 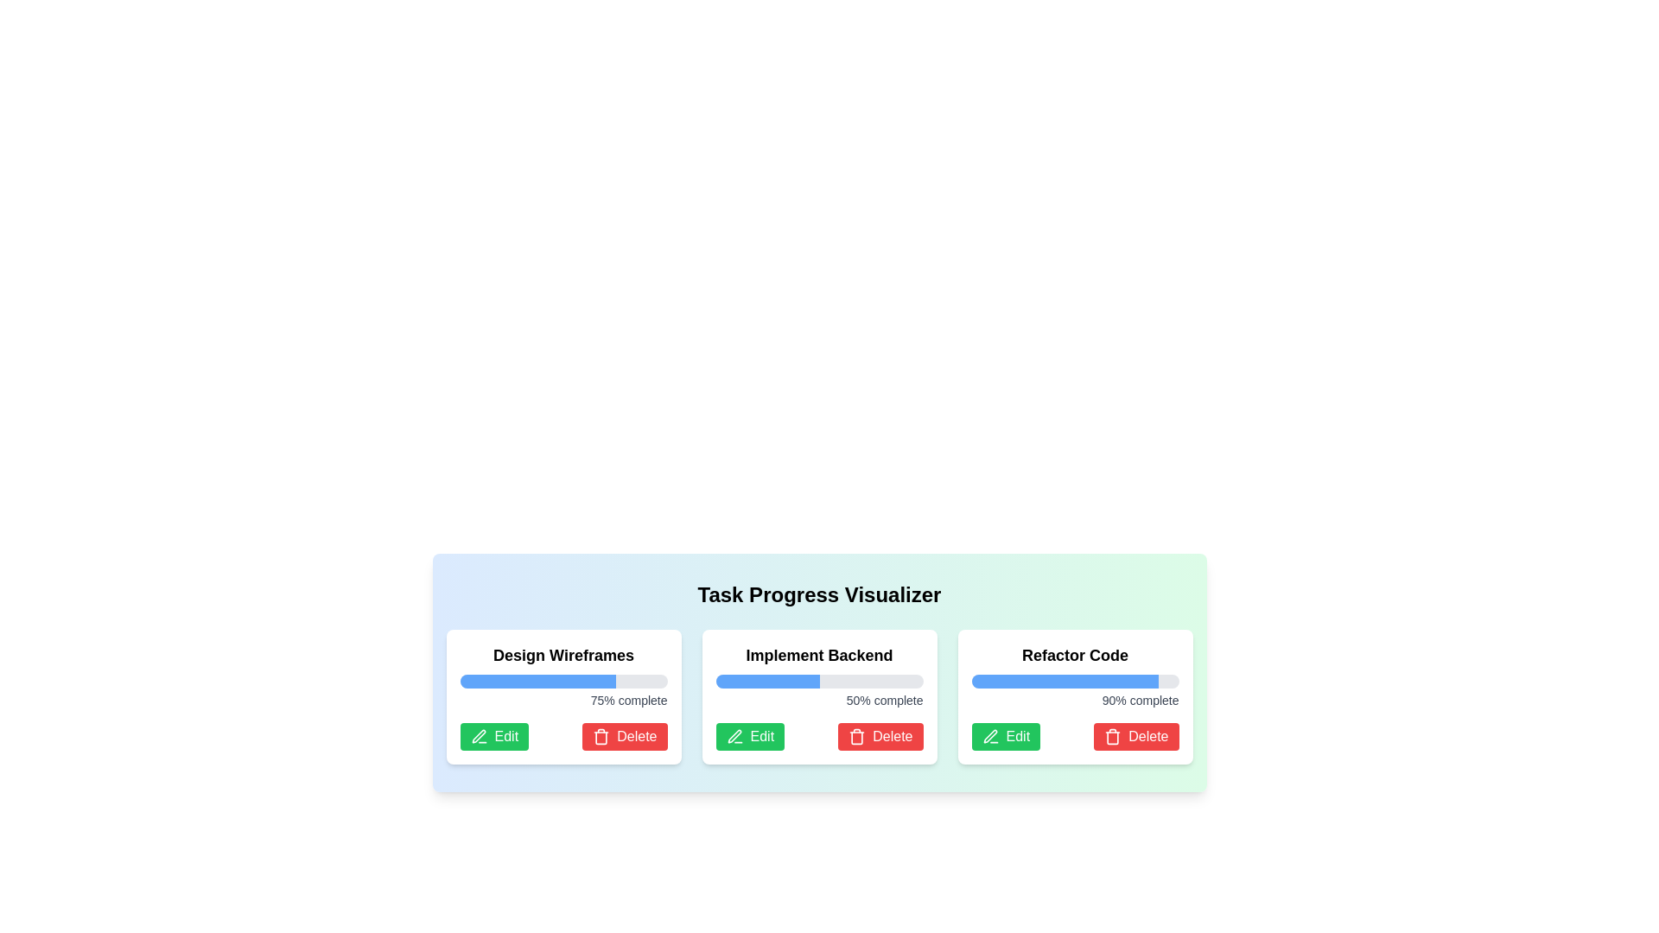 What do you see at coordinates (1034, 681) in the screenshot?
I see `the progress` at bounding box center [1034, 681].